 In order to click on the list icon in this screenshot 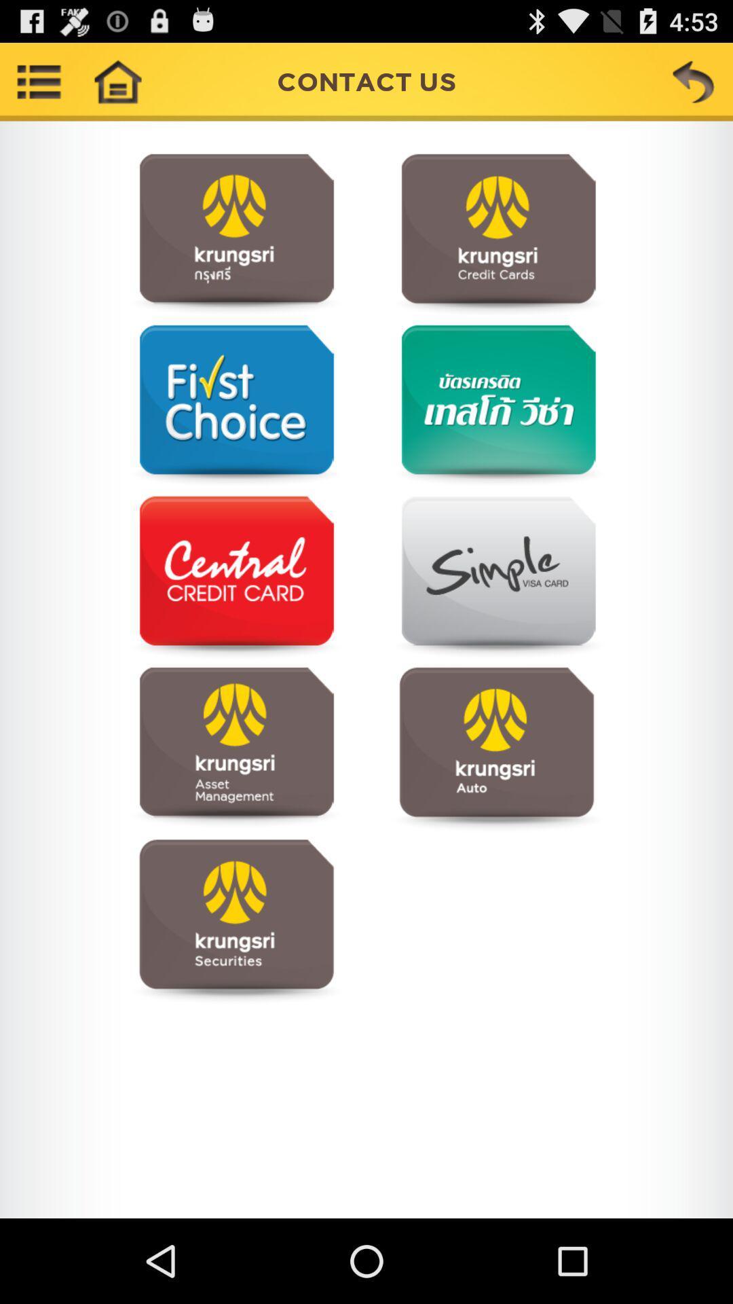, I will do `click(38, 87)`.